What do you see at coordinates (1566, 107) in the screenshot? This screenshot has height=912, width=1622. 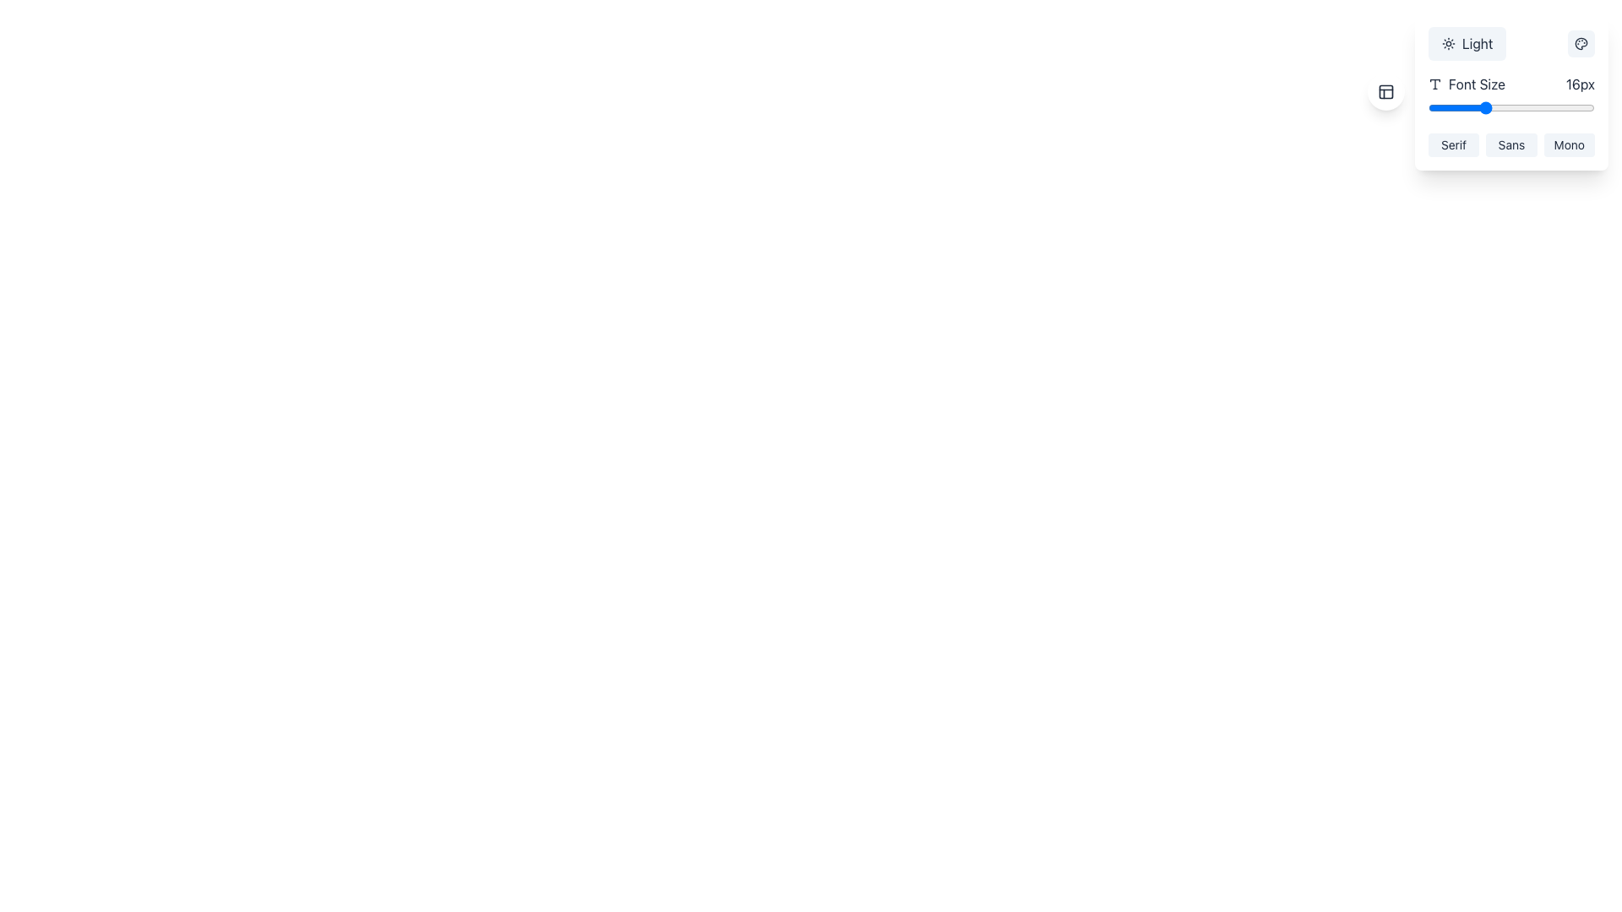 I see `font size` at bounding box center [1566, 107].